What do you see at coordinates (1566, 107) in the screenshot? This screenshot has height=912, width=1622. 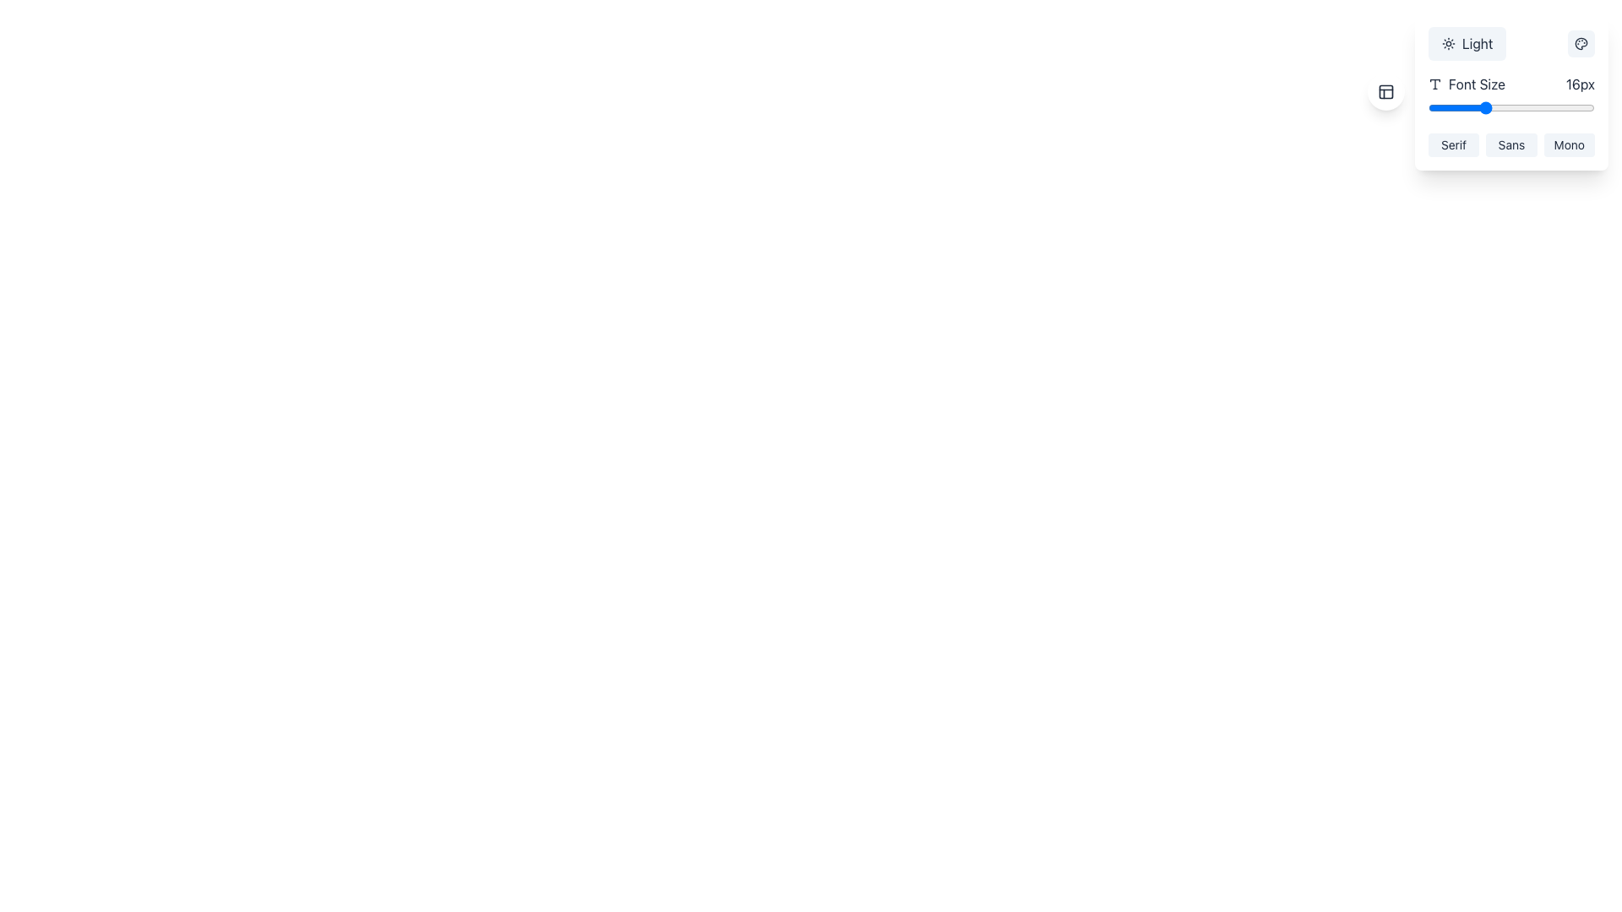 I see `font size` at bounding box center [1566, 107].